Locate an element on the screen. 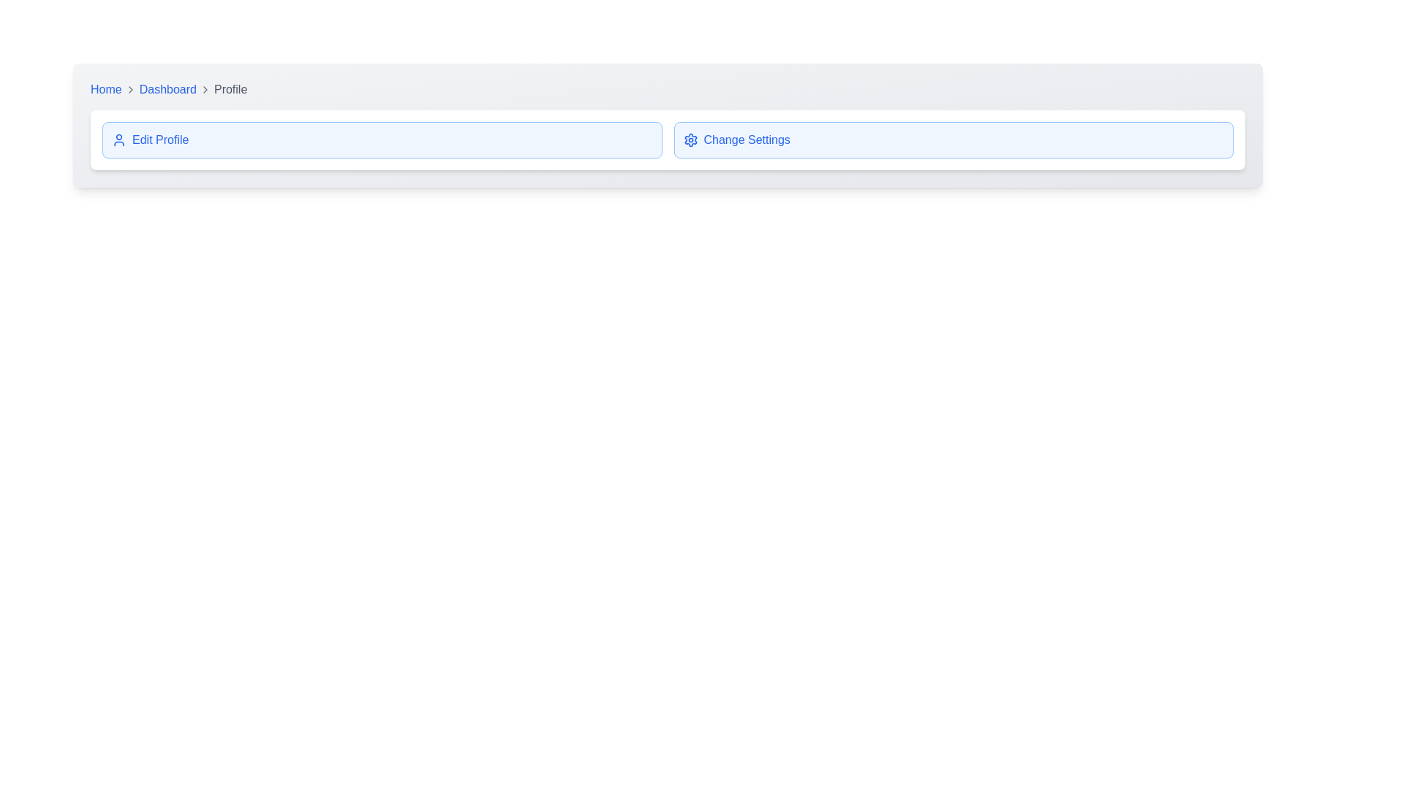 The width and height of the screenshot is (1404, 789). text from the 'Edit Profile' label, which is located inside a rectangular button at the upper left of the interface, next to a small user icon is located at coordinates (160, 140).